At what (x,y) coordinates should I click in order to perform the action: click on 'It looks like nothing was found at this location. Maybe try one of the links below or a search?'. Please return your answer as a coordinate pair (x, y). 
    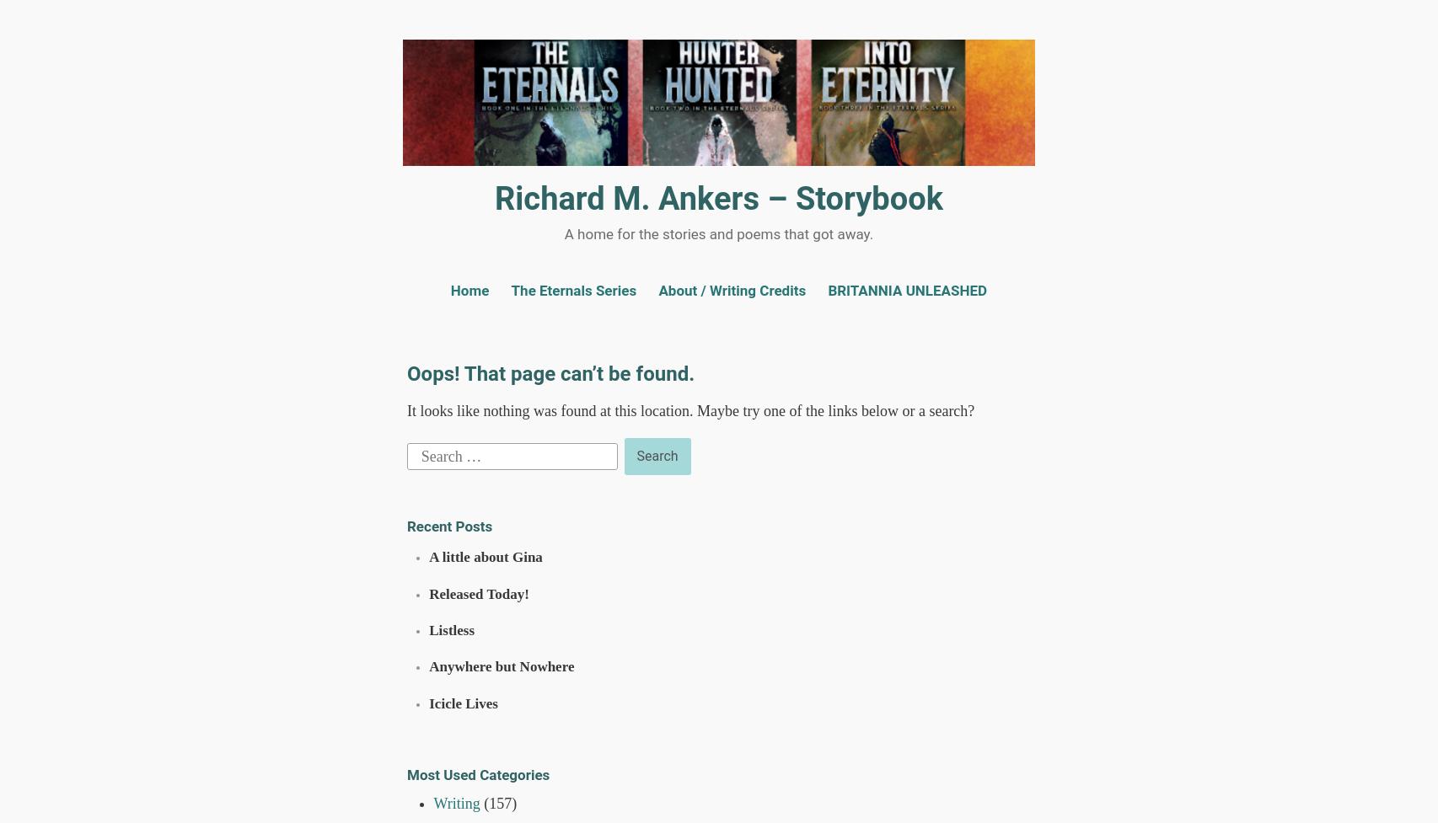
    Looking at the image, I should click on (689, 410).